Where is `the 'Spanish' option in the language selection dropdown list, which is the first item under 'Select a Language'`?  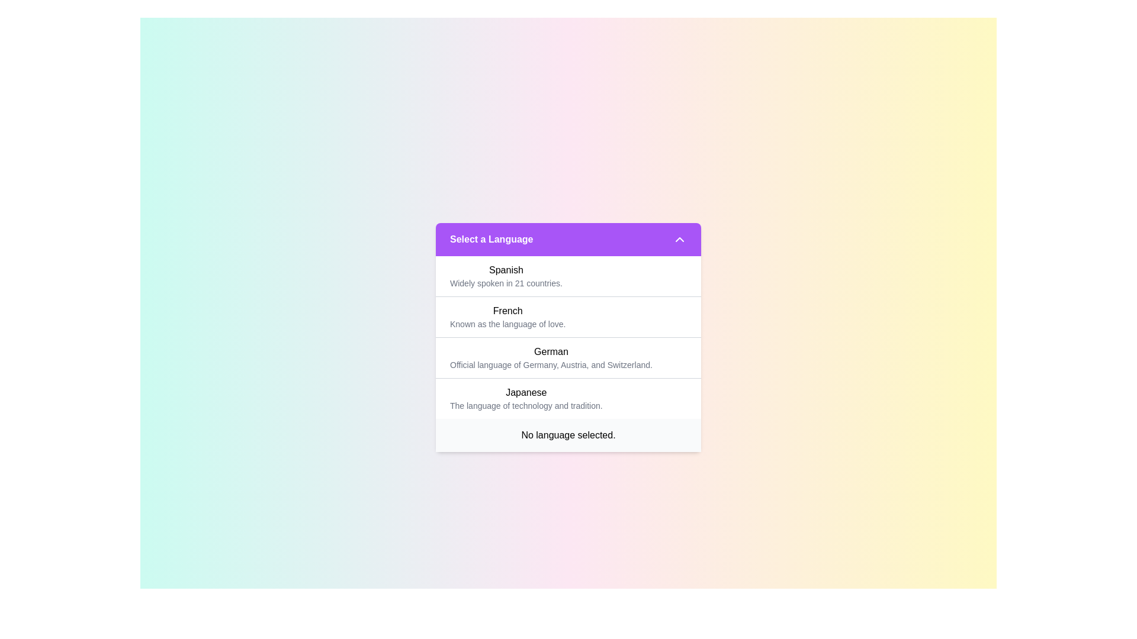 the 'Spanish' option in the language selection dropdown list, which is the first item under 'Select a Language' is located at coordinates (506, 276).